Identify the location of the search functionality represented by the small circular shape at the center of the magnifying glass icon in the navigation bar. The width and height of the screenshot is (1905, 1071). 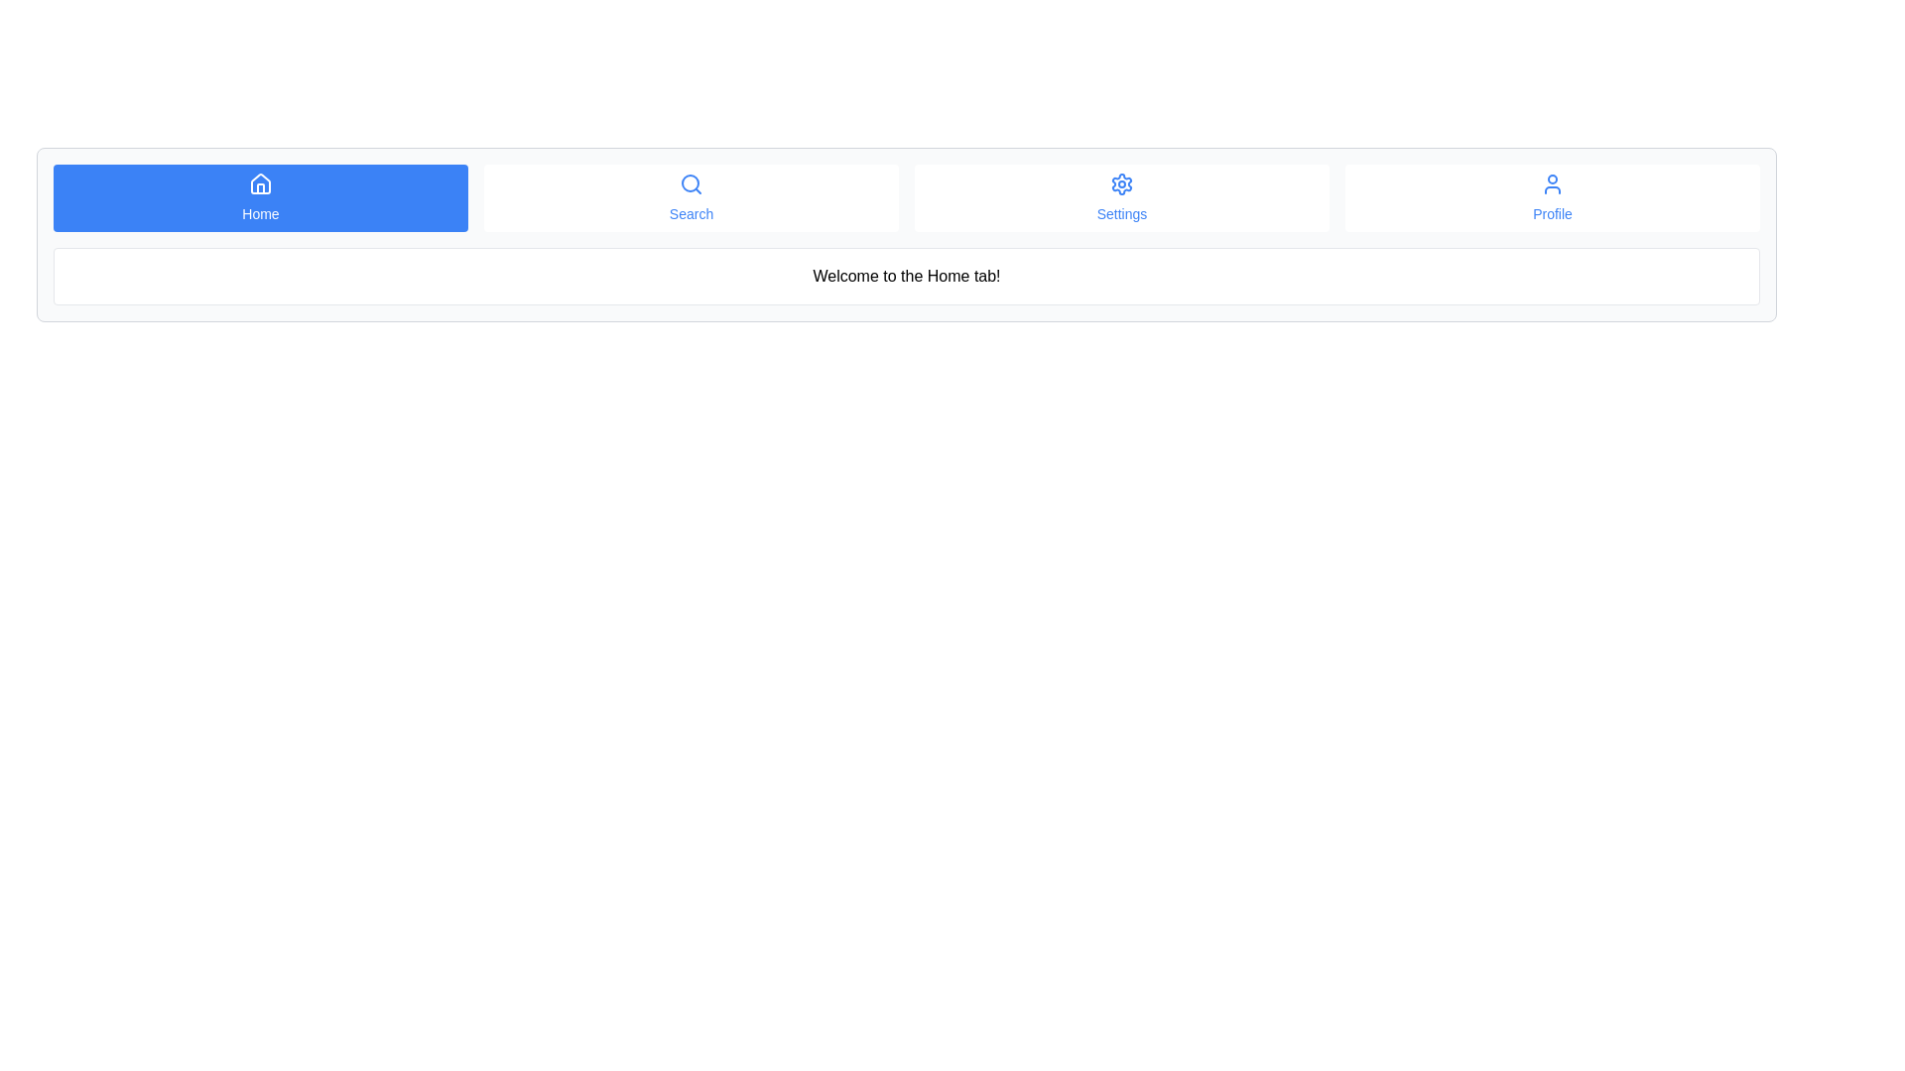
(691, 183).